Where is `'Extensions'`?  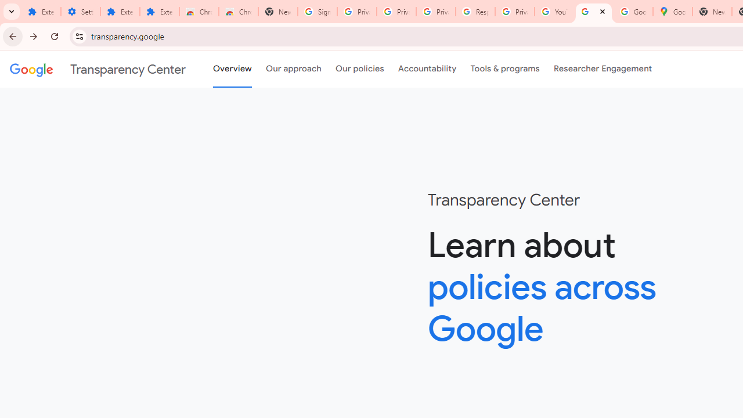 'Extensions' is located at coordinates (120, 12).